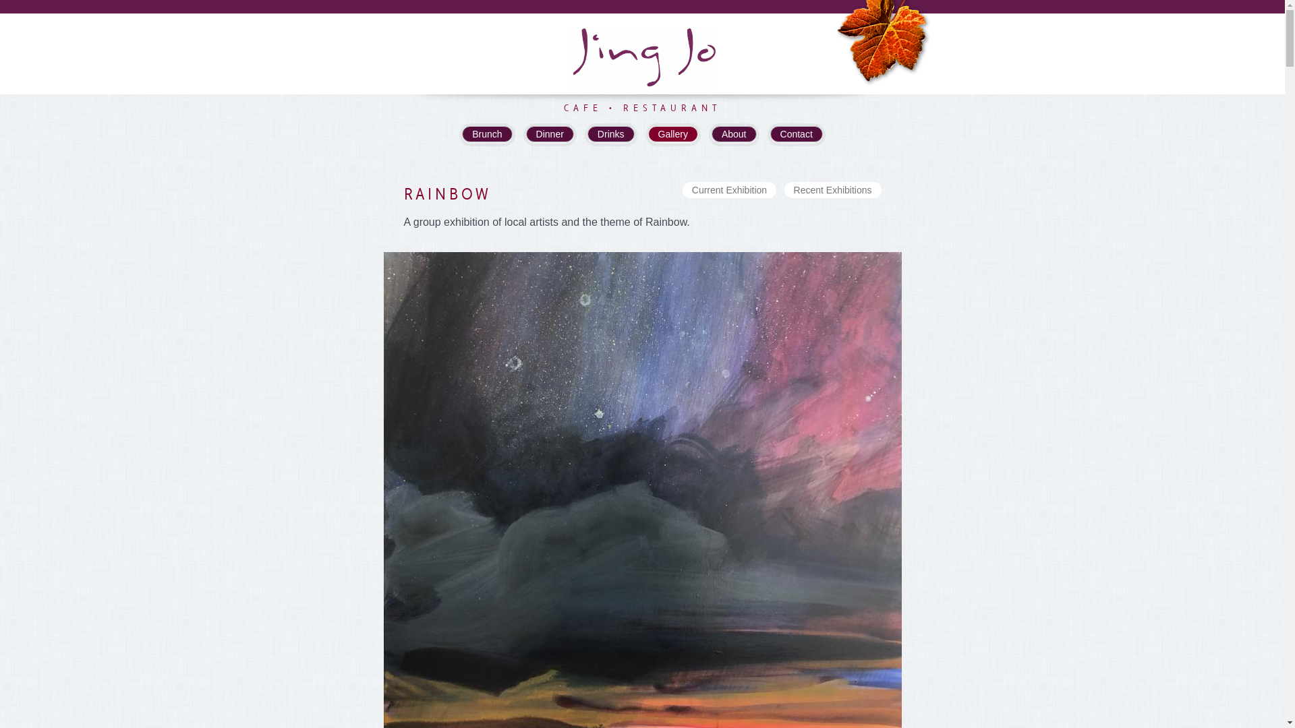 Image resolution: width=1295 pixels, height=728 pixels. What do you see at coordinates (796, 134) in the screenshot?
I see `'Contact'` at bounding box center [796, 134].